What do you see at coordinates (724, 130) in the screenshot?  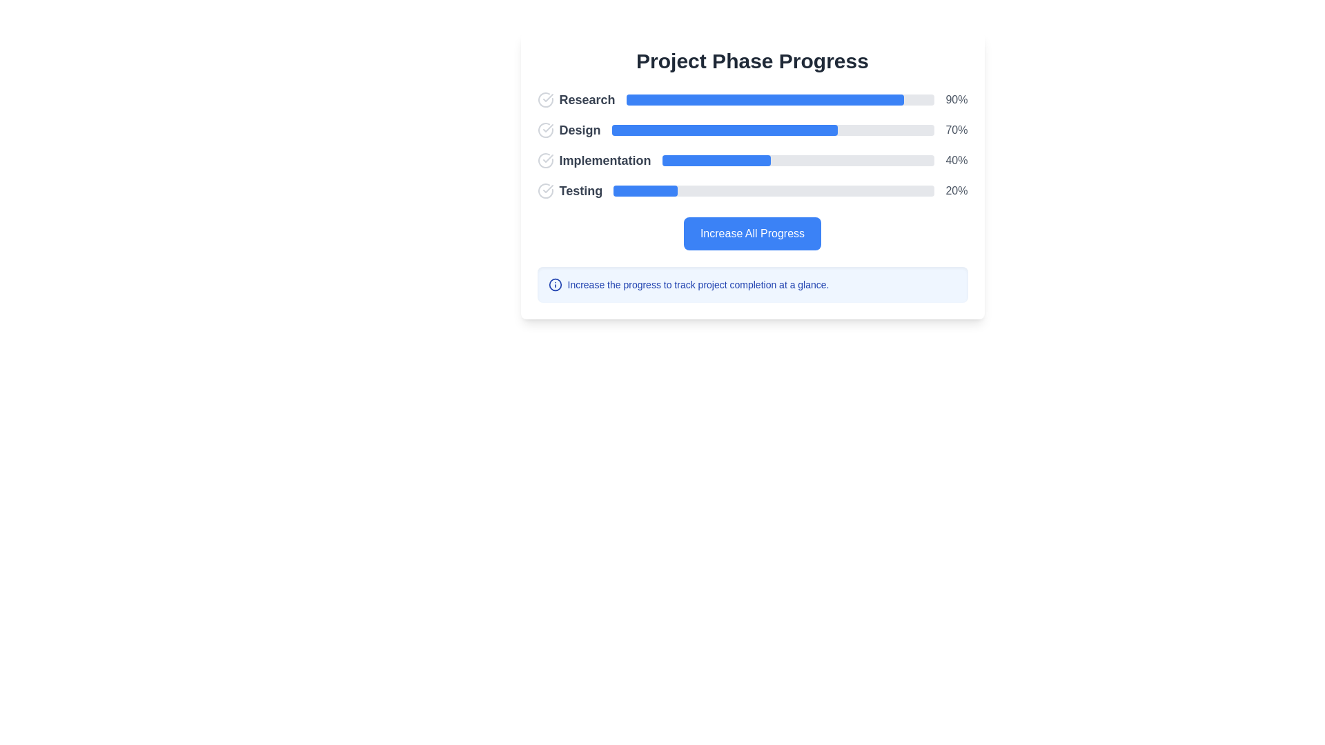 I see `the blue progress bar representing the 'Design' phase, which is the second bar in the vertical sequence of progress bars` at bounding box center [724, 130].